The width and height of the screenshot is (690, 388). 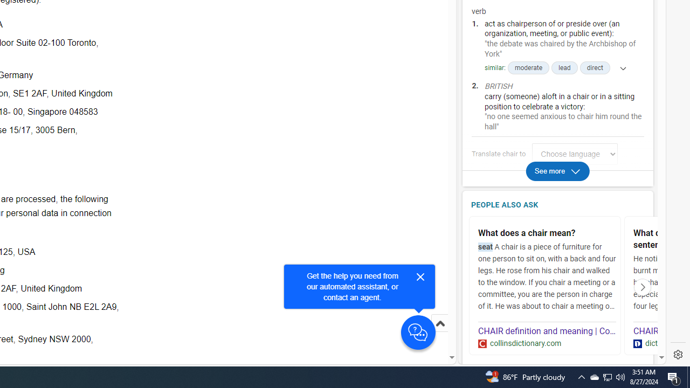 What do you see at coordinates (547, 233) in the screenshot?
I see `'What does a chair mean?'` at bounding box center [547, 233].